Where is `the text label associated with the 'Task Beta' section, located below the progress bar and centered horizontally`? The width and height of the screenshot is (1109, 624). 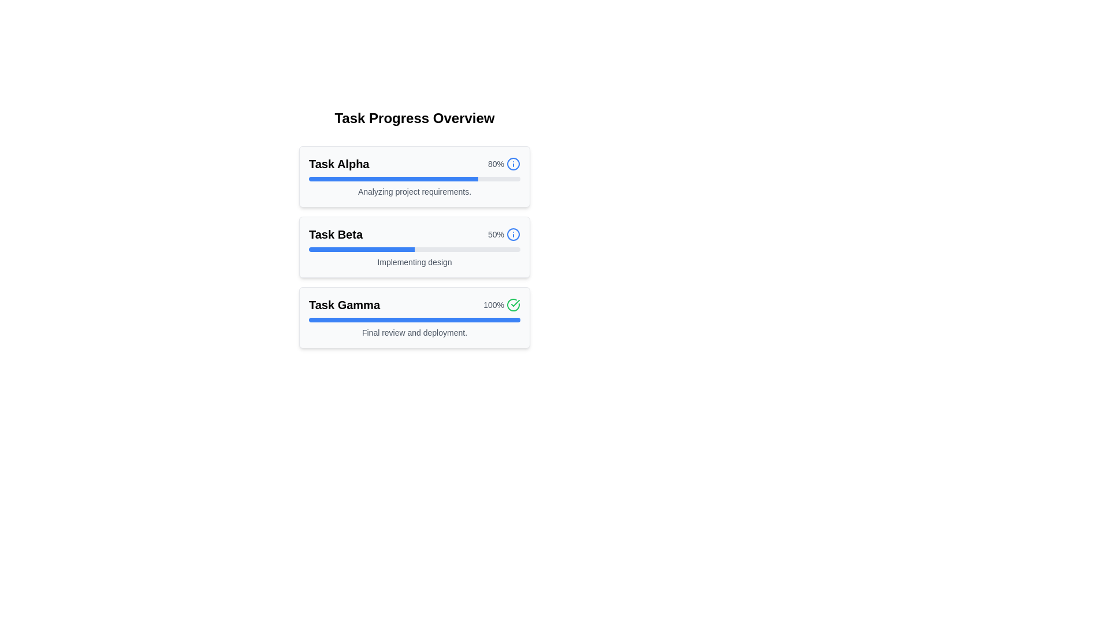 the text label associated with the 'Task Beta' section, located below the progress bar and centered horizontally is located at coordinates (415, 262).